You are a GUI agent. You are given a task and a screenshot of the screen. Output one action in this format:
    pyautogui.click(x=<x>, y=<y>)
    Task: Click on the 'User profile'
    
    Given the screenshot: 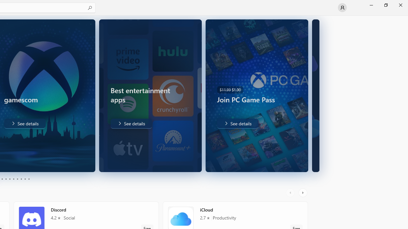 What is the action you would take?
    pyautogui.click(x=342, y=8)
    